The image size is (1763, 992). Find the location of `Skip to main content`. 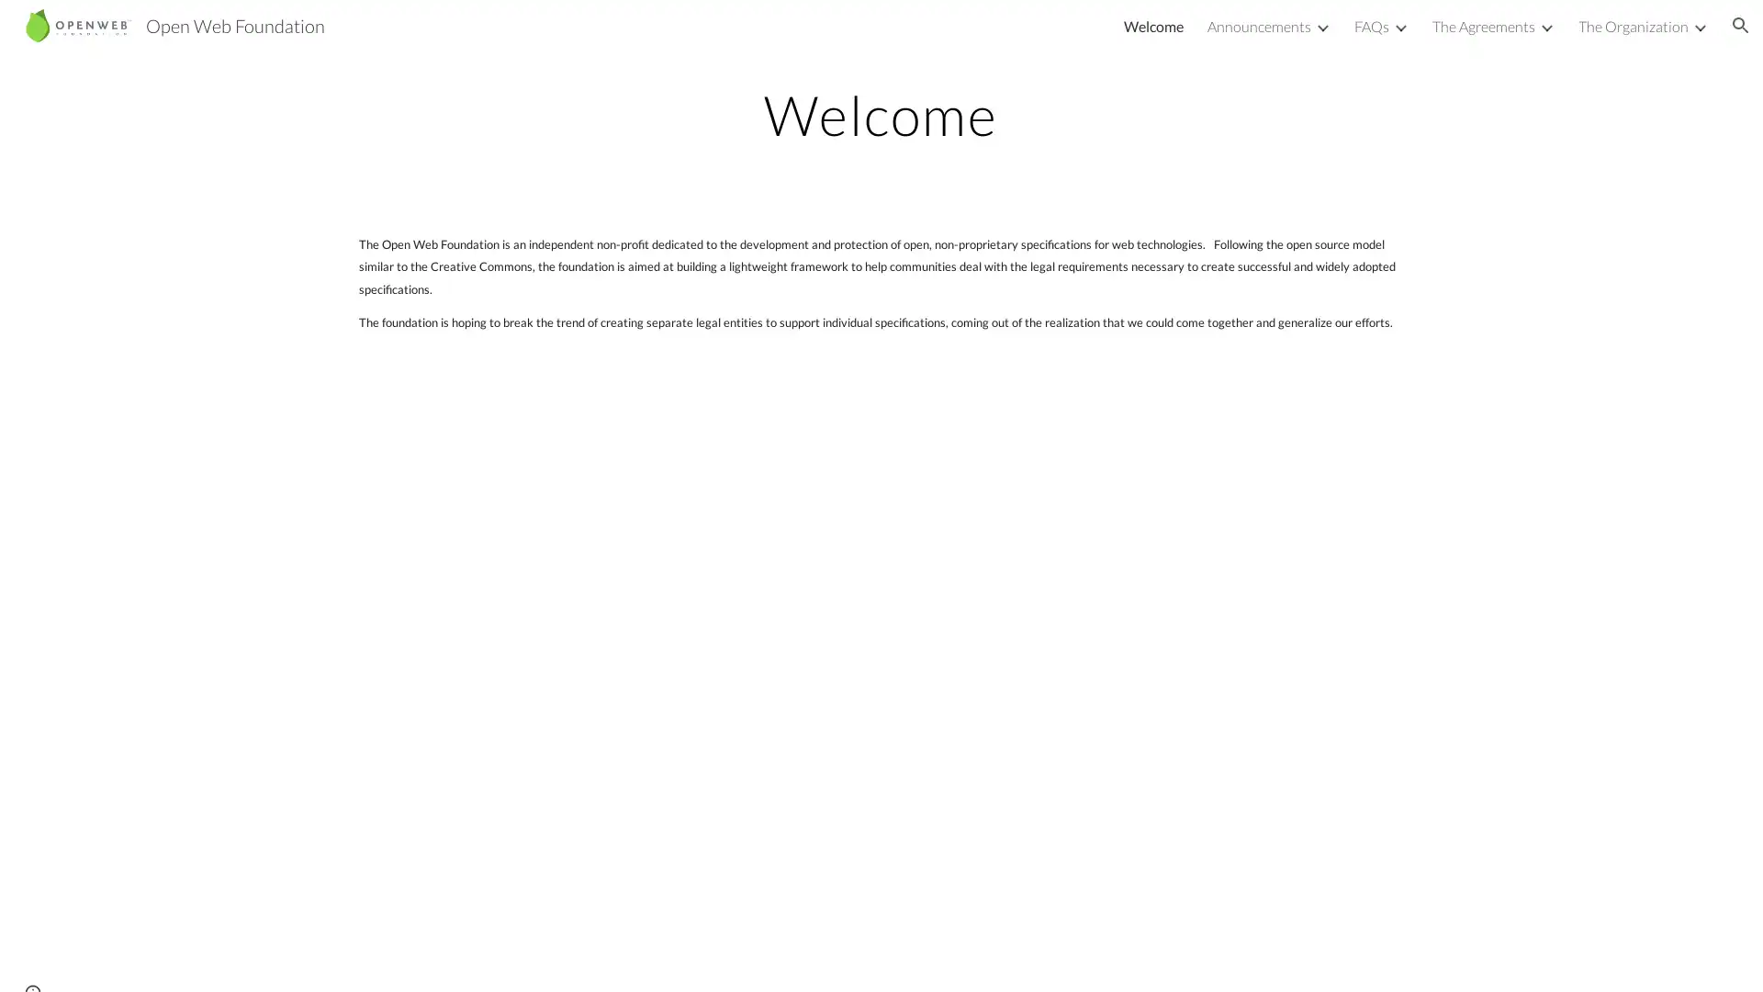

Skip to main content is located at coordinates (723, 34).